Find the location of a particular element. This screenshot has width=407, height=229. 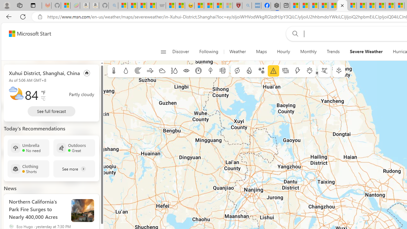

'Trends' is located at coordinates (333, 52).